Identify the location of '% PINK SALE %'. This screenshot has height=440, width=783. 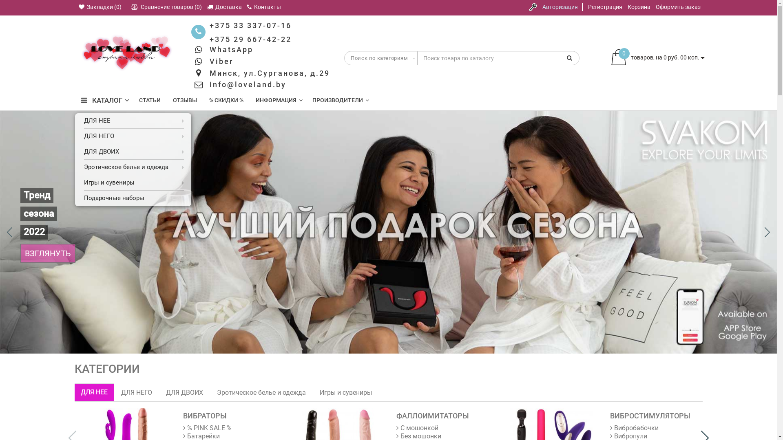
(207, 427).